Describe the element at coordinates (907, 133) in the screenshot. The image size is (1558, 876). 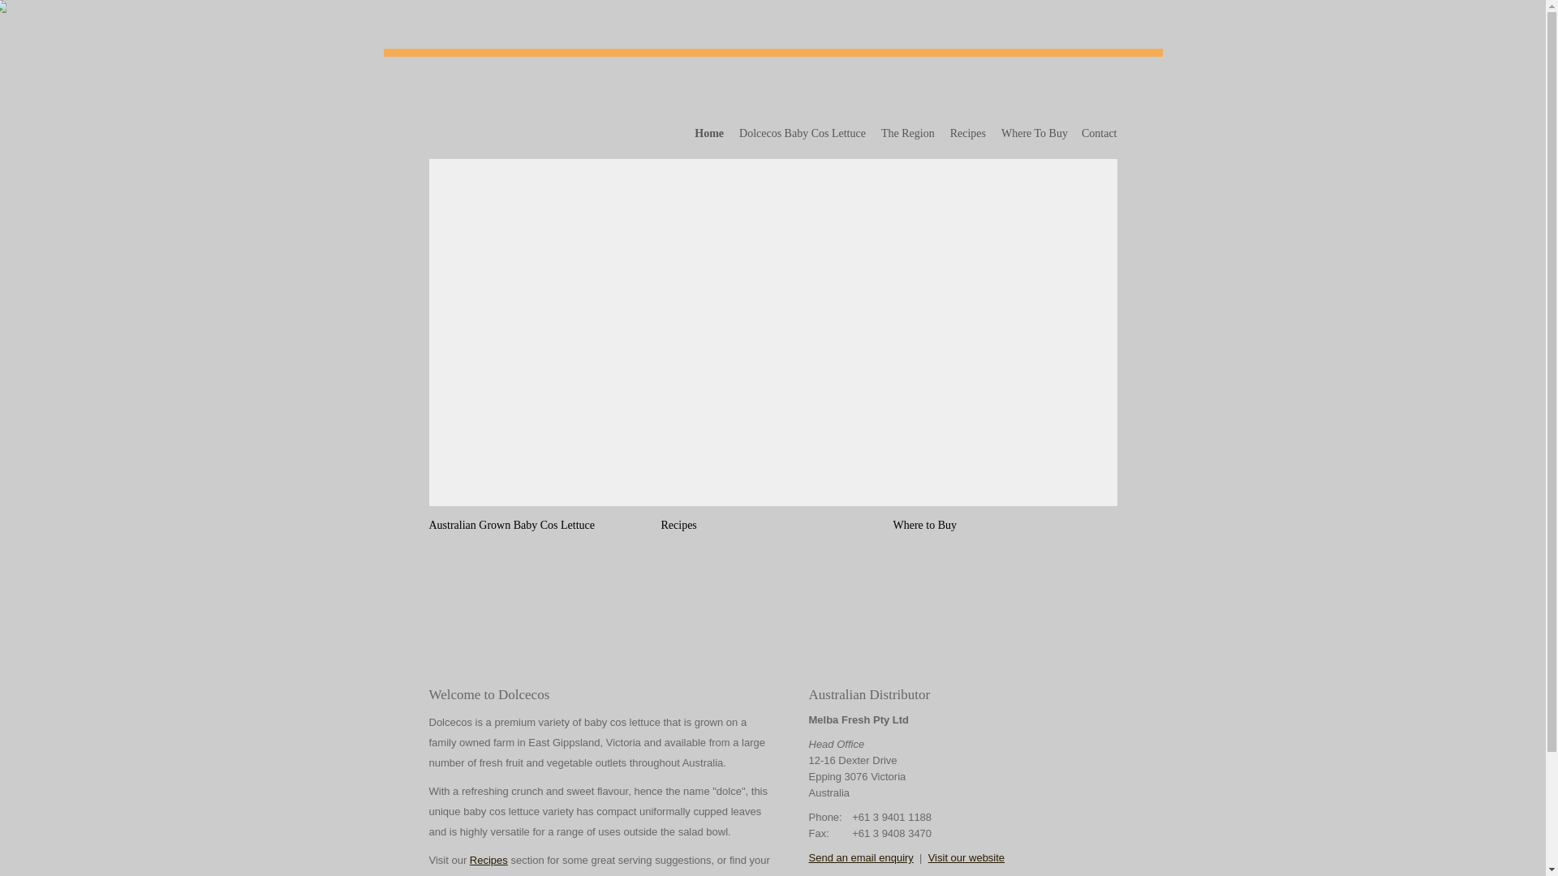
I see `'The Region'` at that location.